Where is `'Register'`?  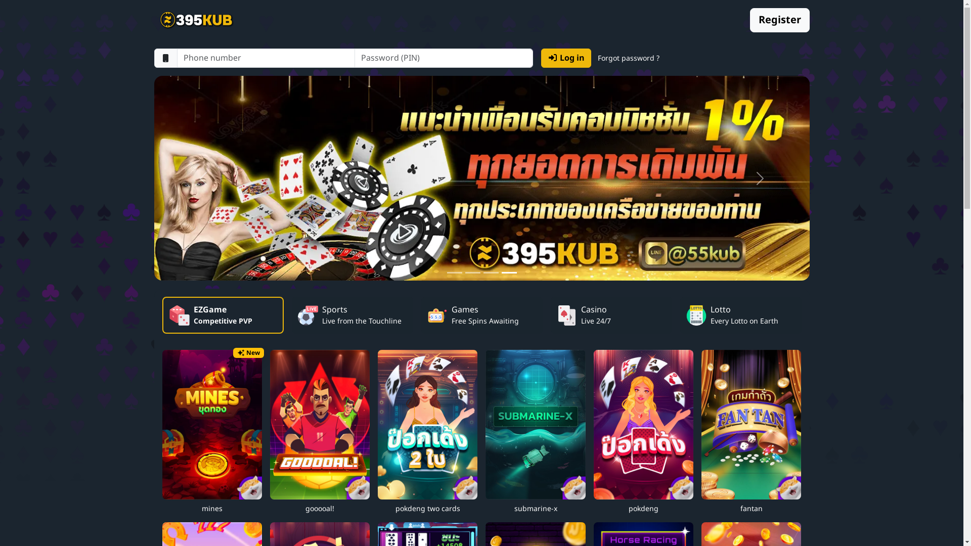 'Register' is located at coordinates (778, 20).